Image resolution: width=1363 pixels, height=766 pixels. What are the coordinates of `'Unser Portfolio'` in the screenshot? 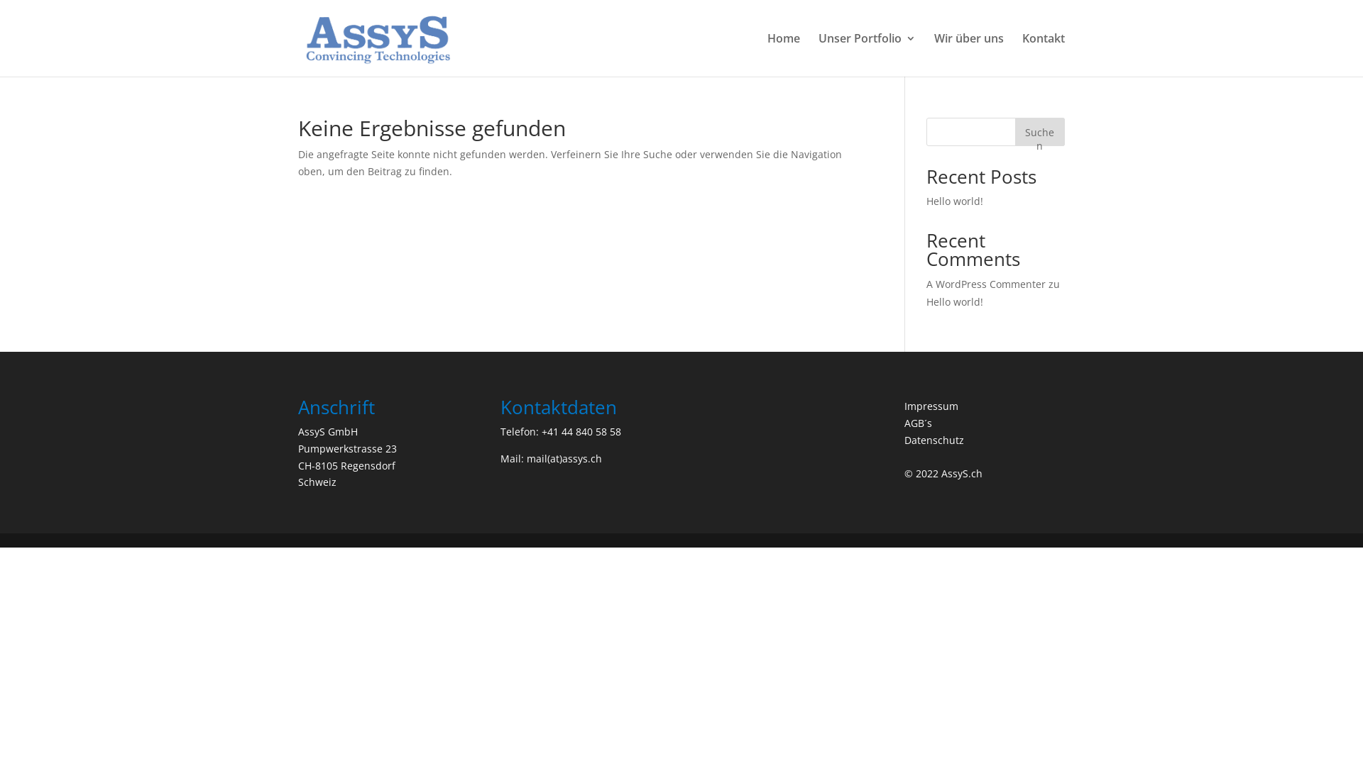 It's located at (866, 54).